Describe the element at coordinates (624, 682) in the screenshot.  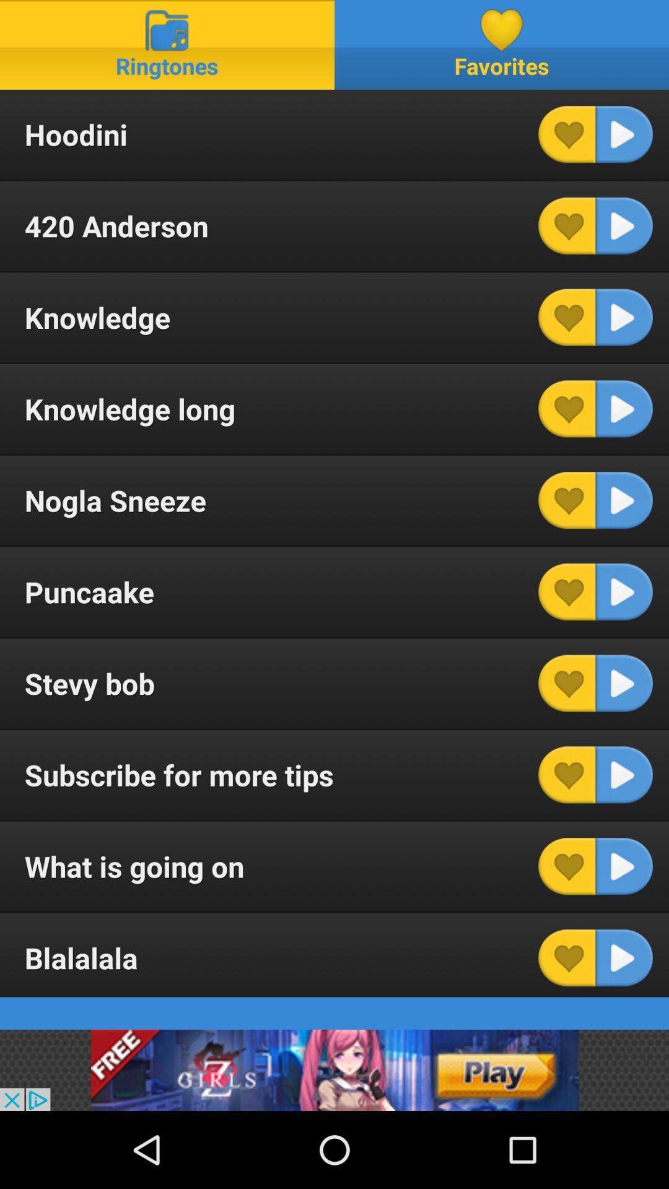
I see `play option` at that location.